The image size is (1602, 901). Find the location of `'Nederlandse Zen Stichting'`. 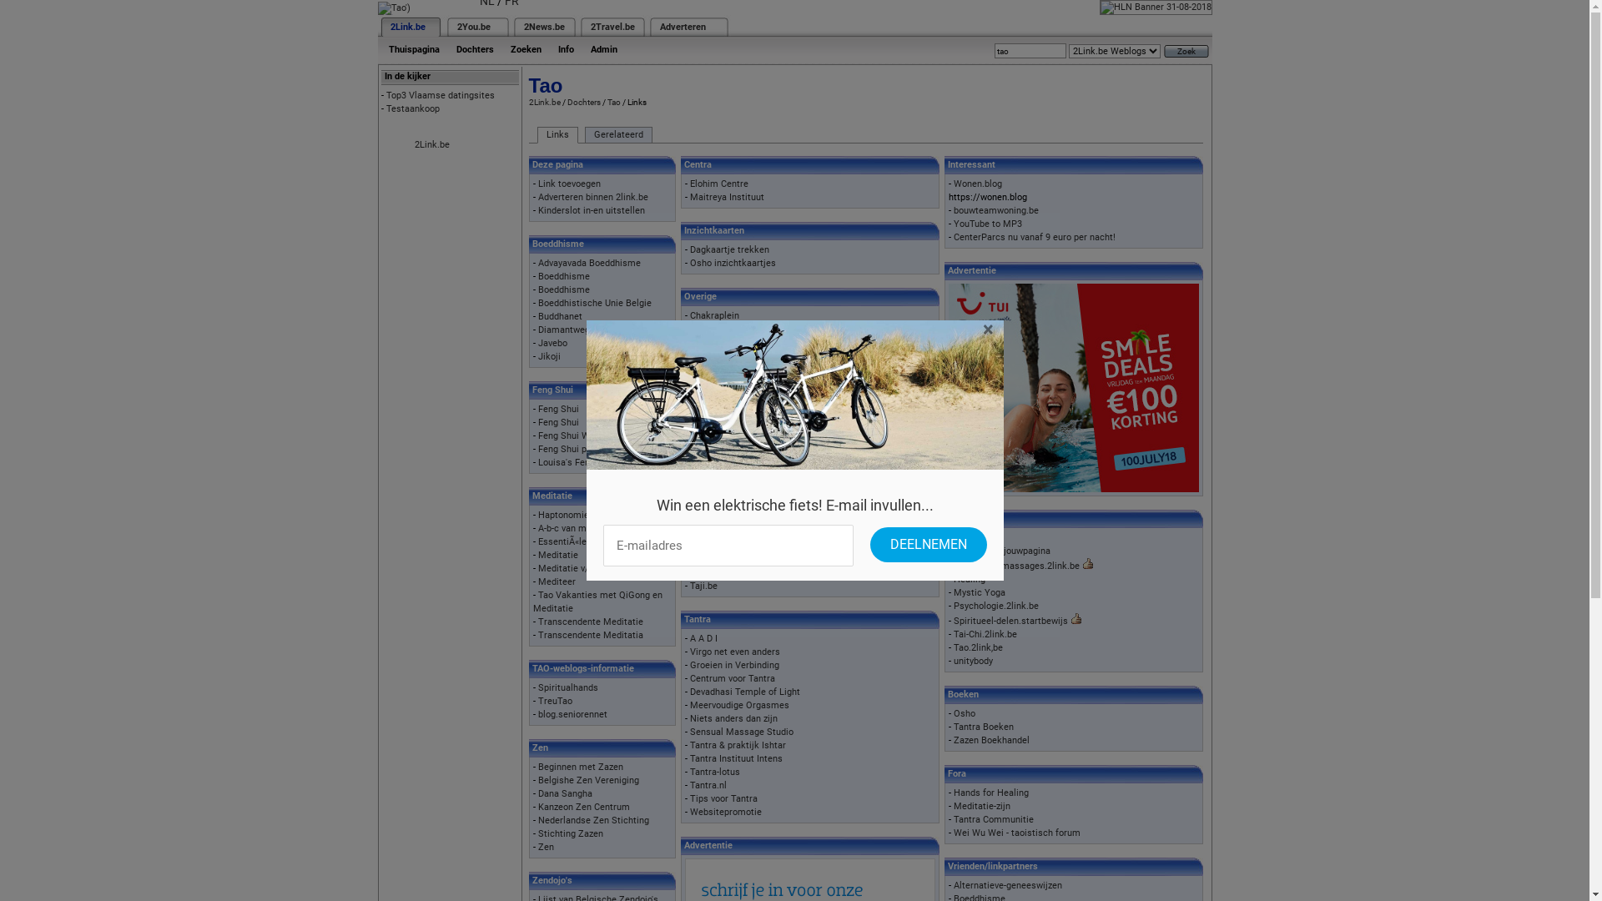

'Nederlandse Zen Stichting' is located at coordinates (592, 819).